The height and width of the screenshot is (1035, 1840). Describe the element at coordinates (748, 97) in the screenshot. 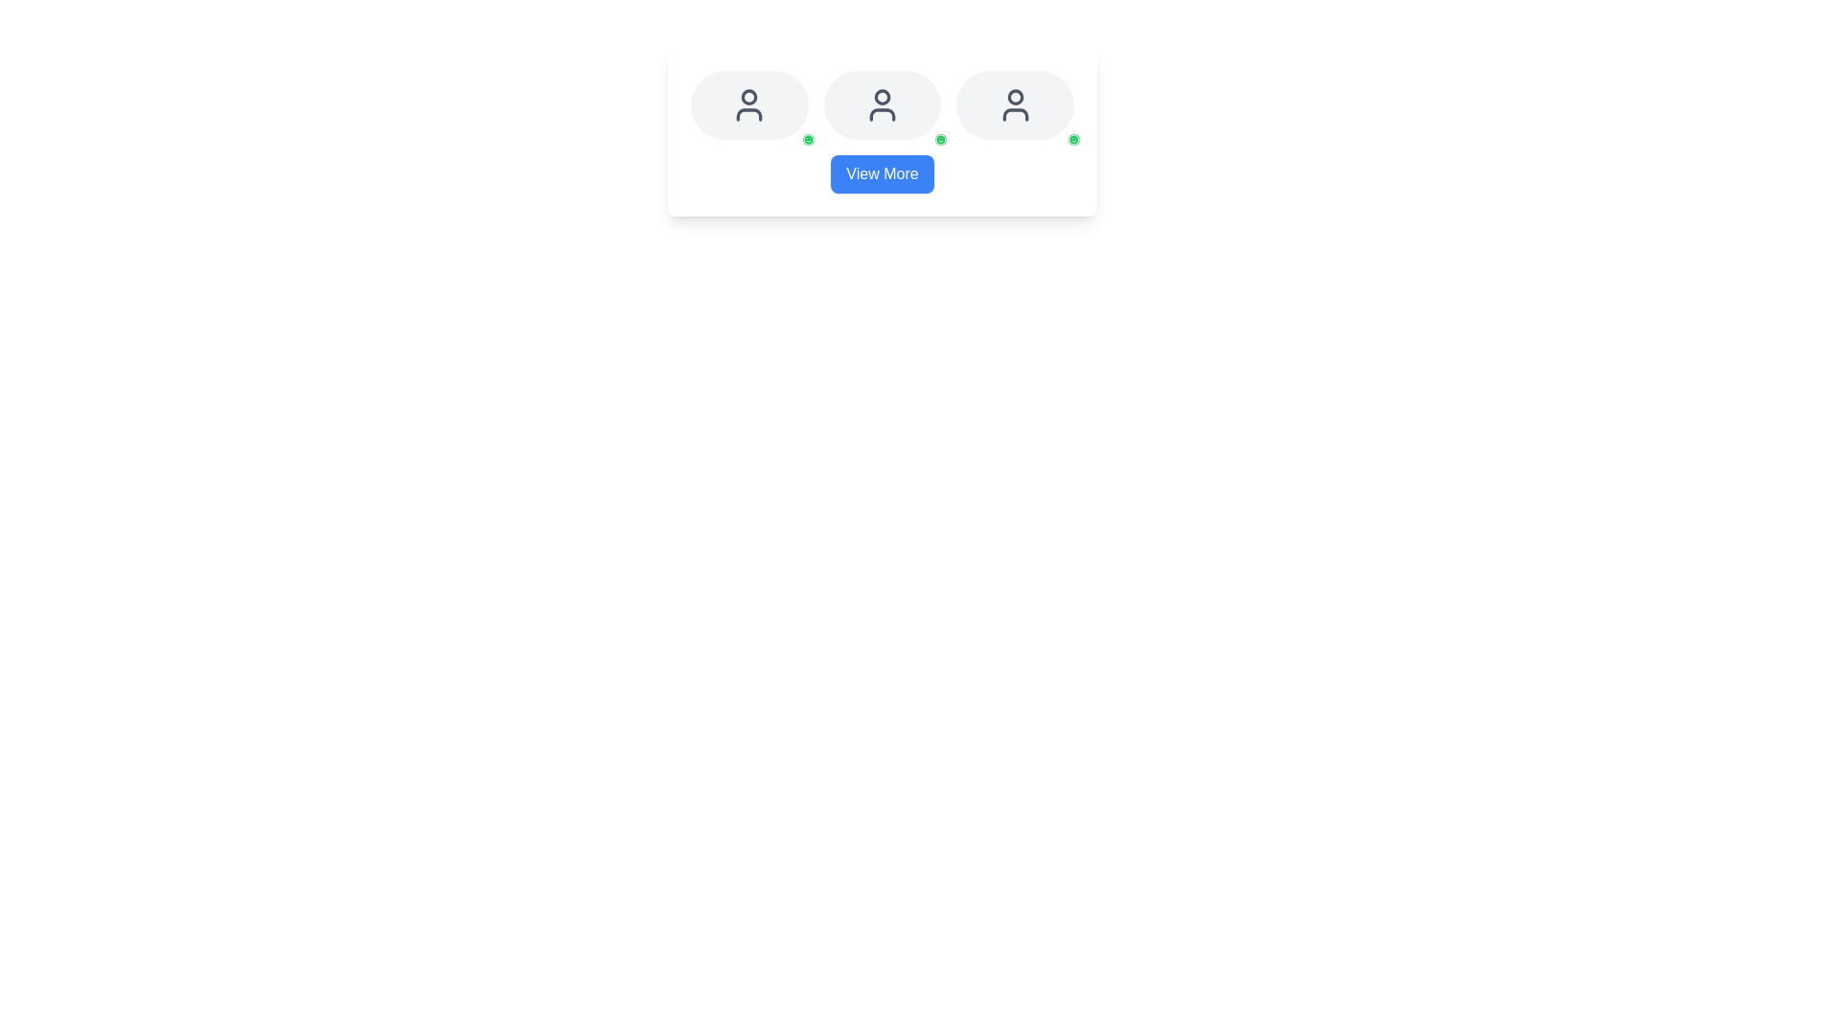

I see `the graphical circle/icon subcomponent representing the first user profile icon in a horizontal row of three icons` at that location.